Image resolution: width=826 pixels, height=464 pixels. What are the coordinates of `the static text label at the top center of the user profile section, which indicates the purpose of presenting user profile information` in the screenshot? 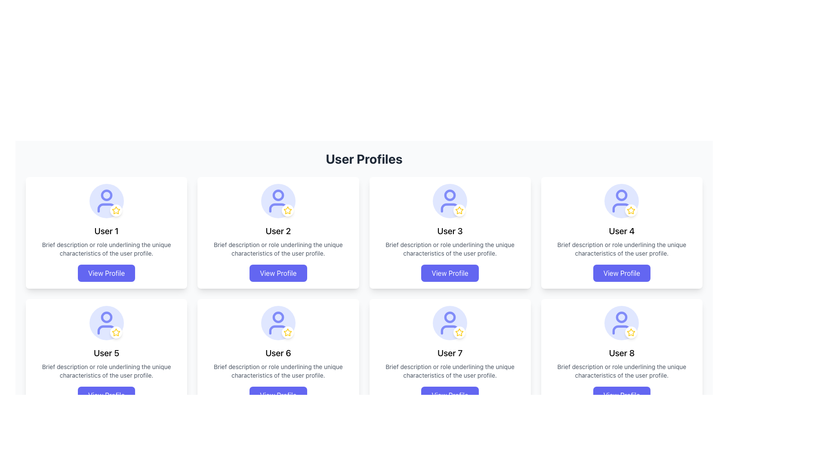 It's located at (364, 159).